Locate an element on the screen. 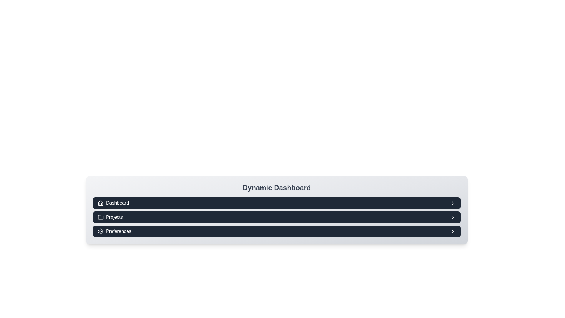  the rightward chevron arrow icon, which is gray and located on the dark background in the first line item of the list is located at coordinates (453, 203).